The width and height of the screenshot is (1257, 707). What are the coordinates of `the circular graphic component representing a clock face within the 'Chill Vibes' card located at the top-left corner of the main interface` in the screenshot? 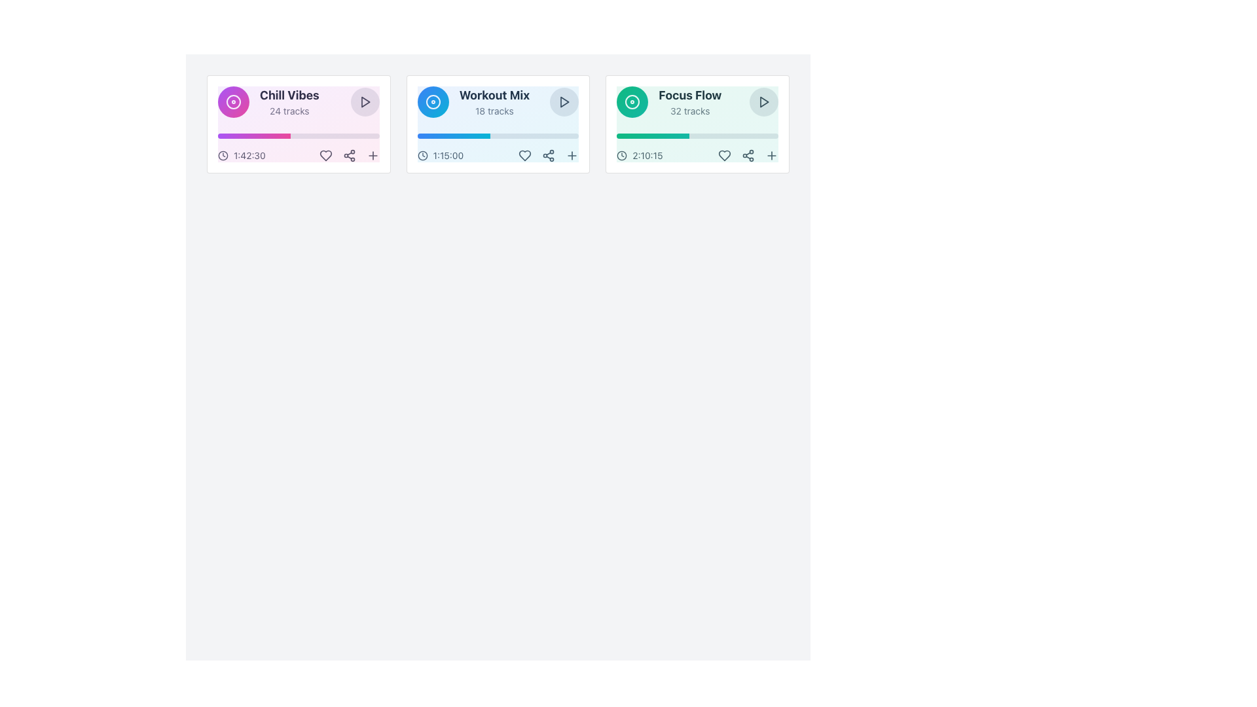 It's located at (223, 155).